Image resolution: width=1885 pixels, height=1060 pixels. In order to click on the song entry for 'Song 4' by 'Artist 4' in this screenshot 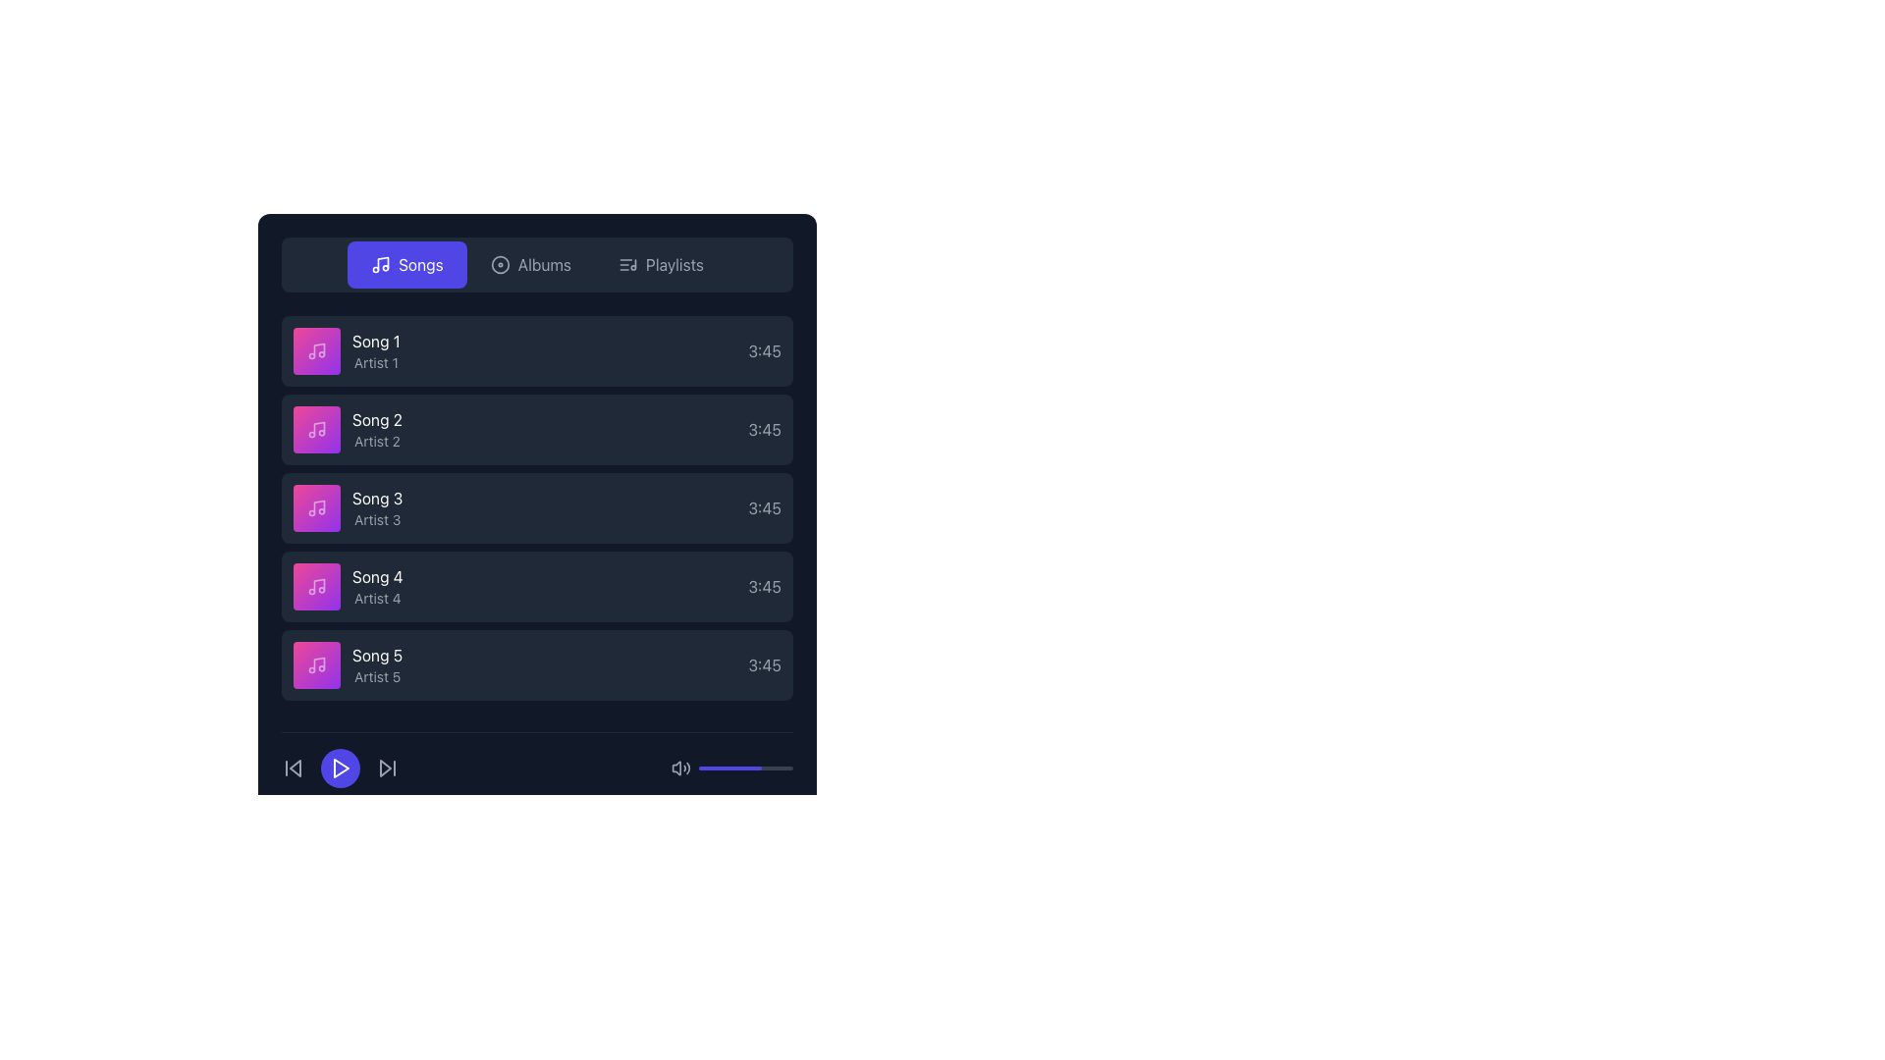, I will do `click(377, 585)`.